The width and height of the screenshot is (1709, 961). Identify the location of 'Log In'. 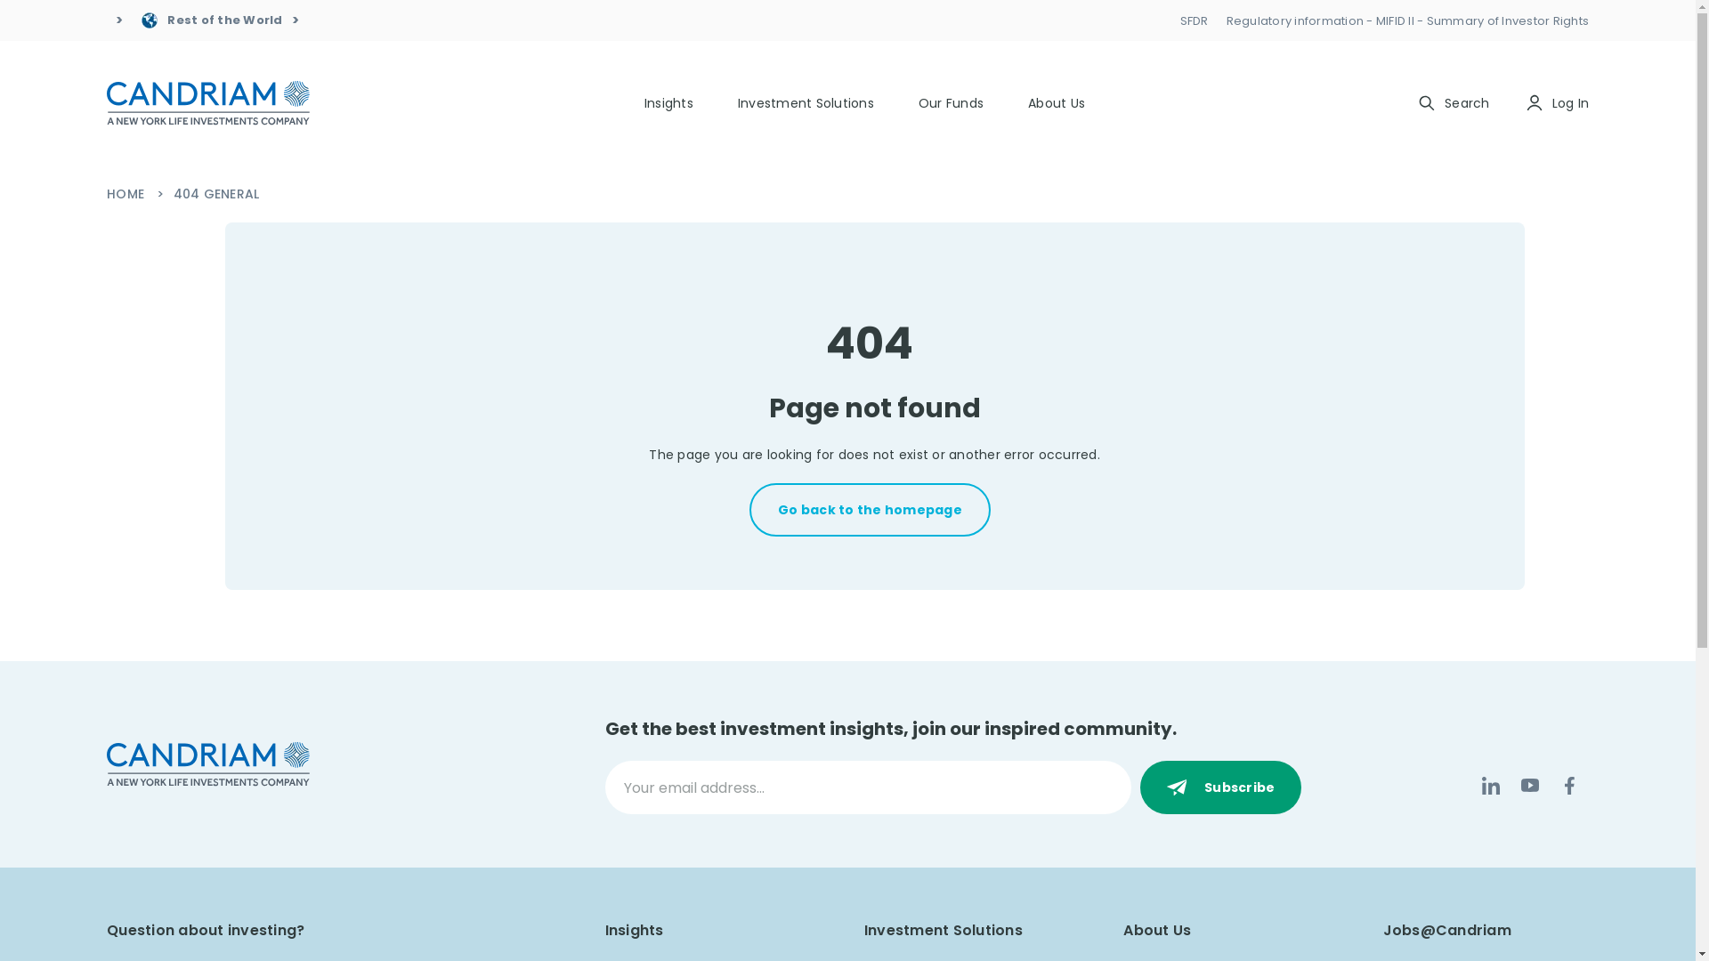
(1524, 102).